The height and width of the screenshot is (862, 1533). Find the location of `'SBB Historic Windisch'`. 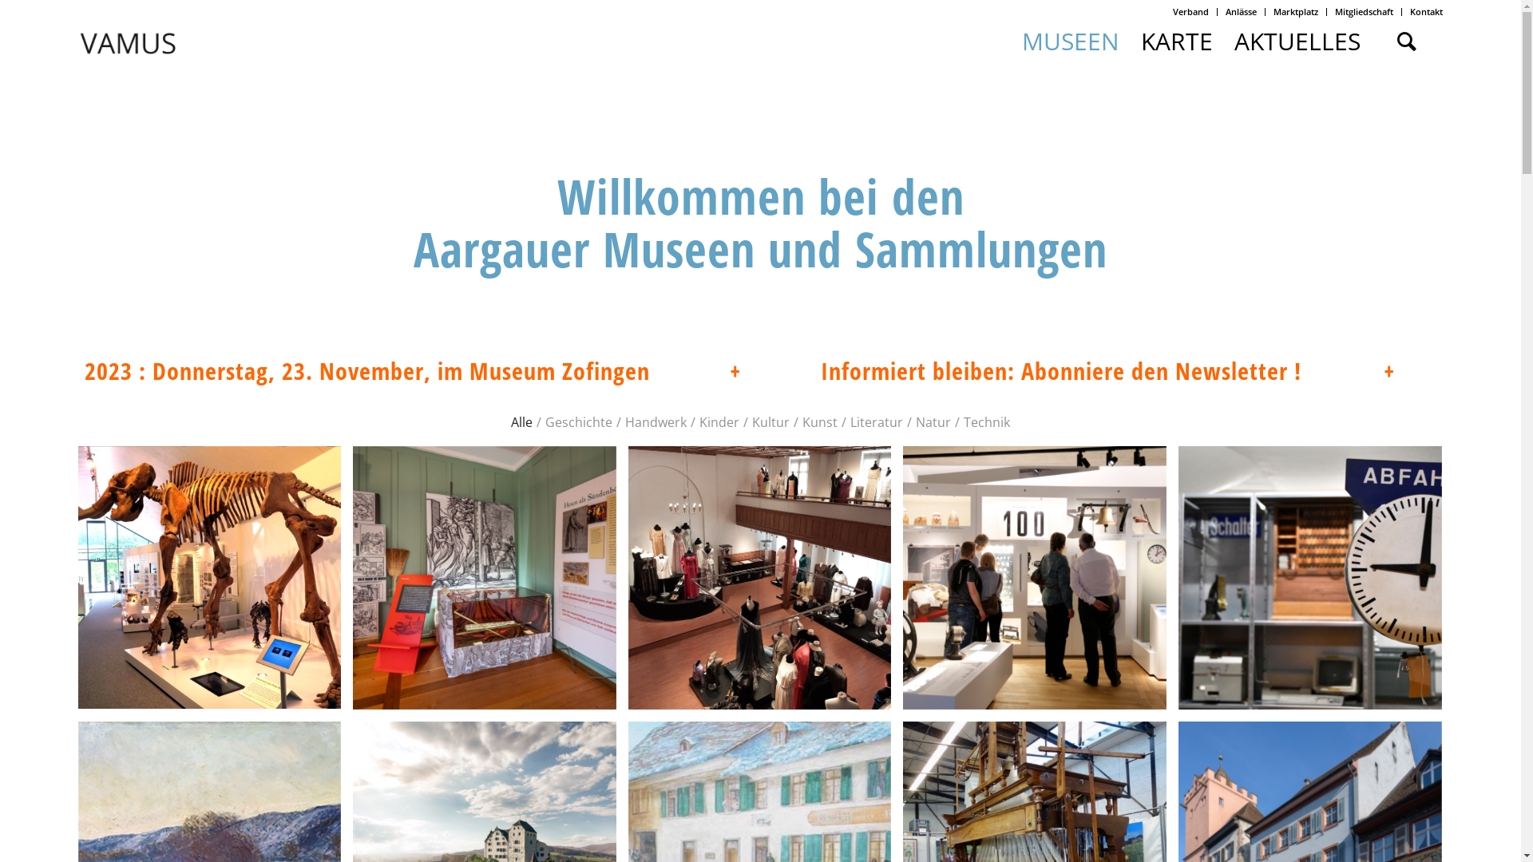

'SBB Historic Windisch' is located at coordinates (1178, 583).